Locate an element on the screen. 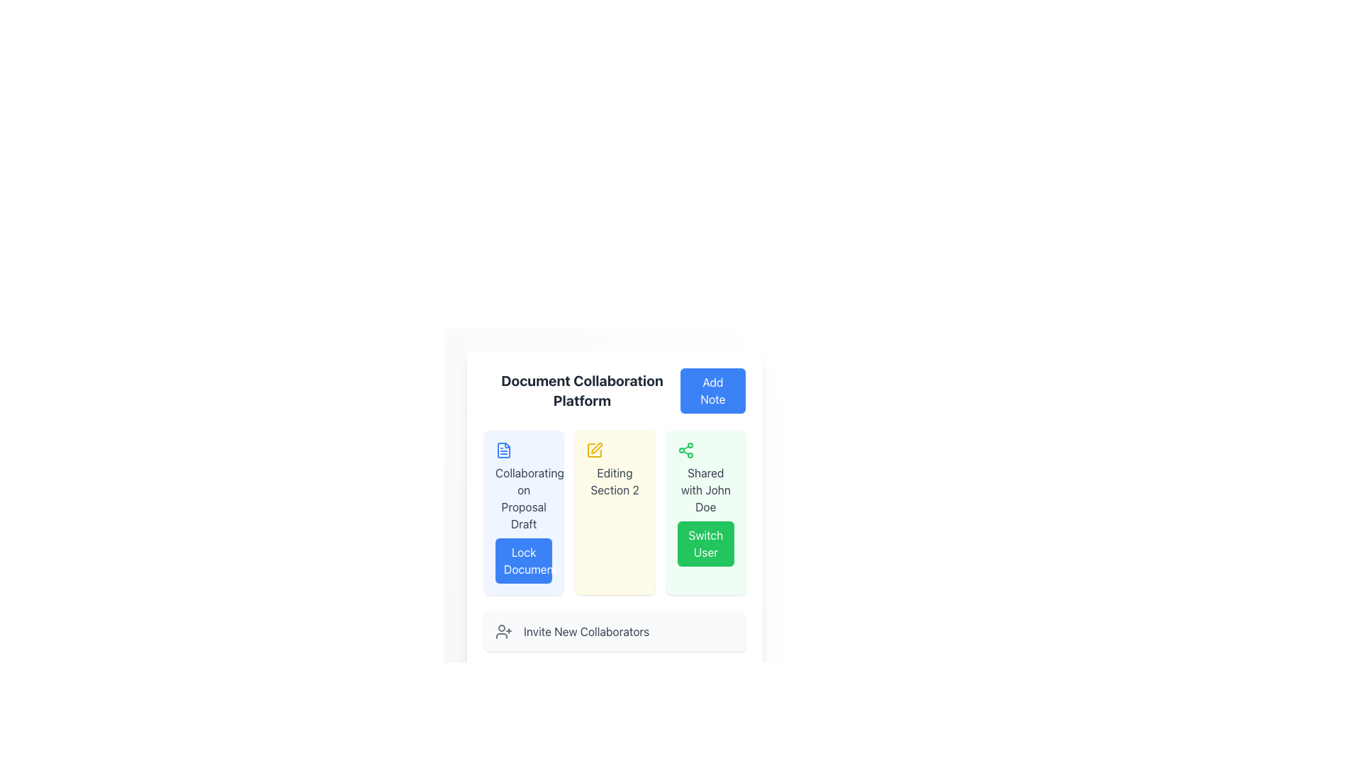  the 'edit' icon component located in the bottom-center of the grid layout, indicating functionality related to editing or modifying a document is located at coordinates (597, 448).